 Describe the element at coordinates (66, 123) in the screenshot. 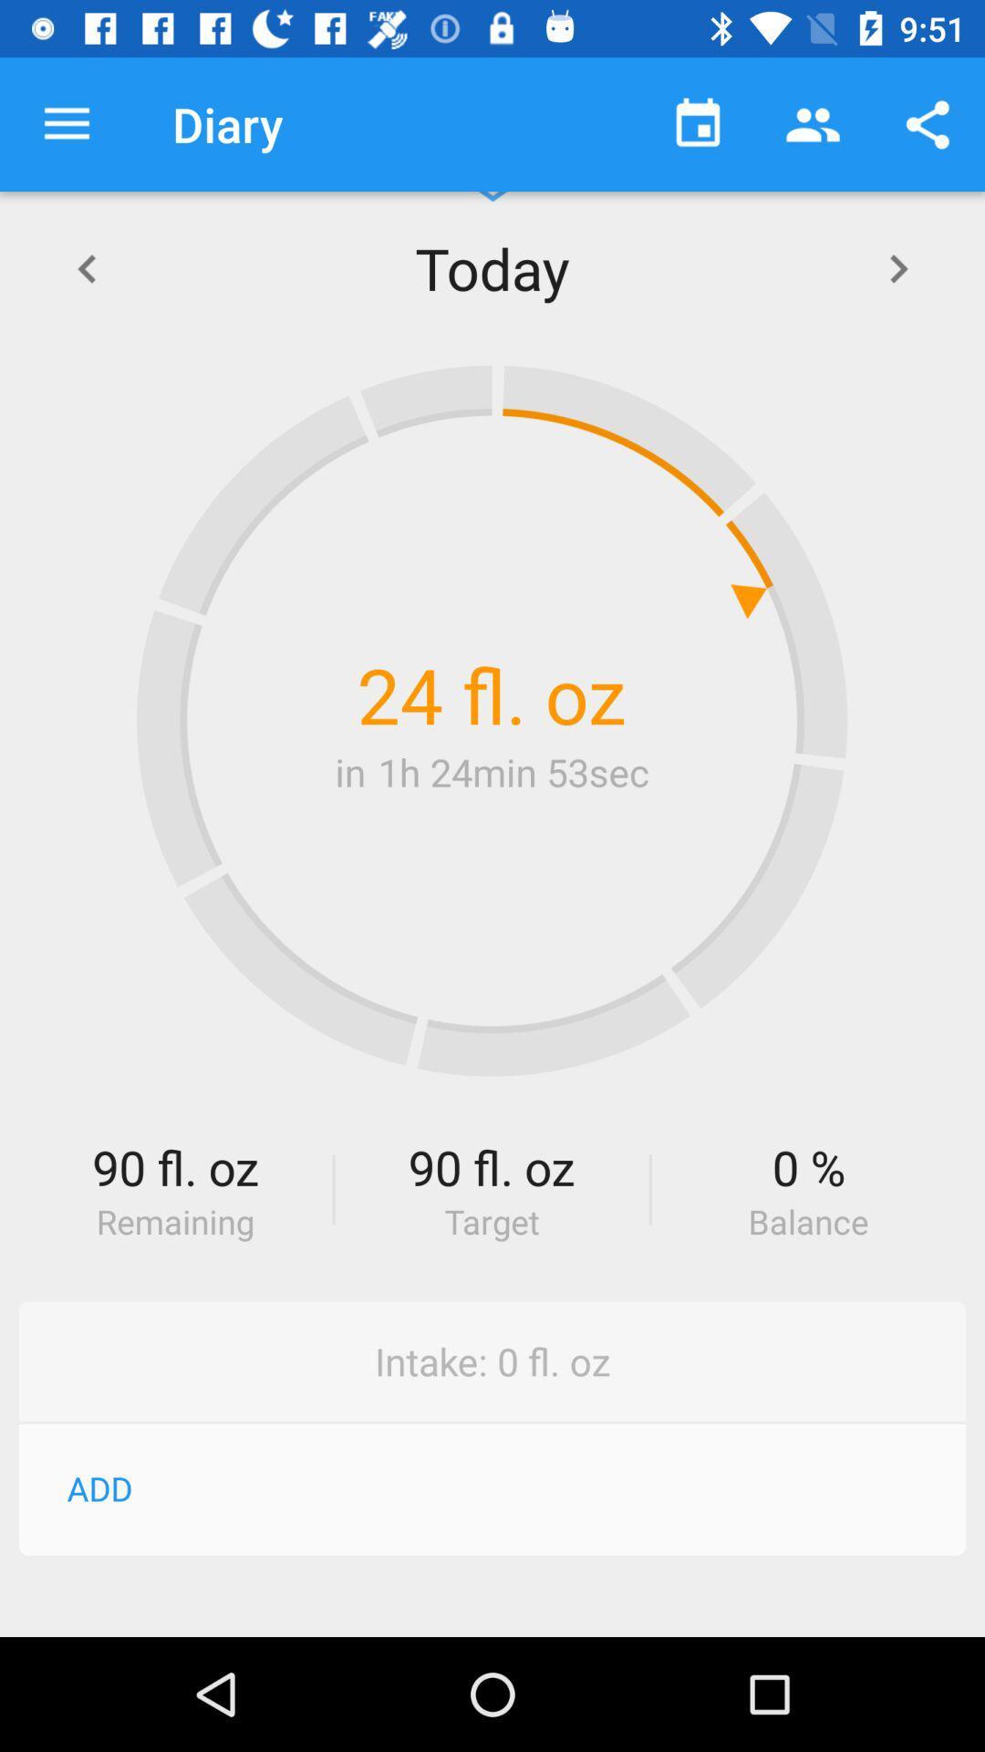

I see `icon next to the diary` at that location.